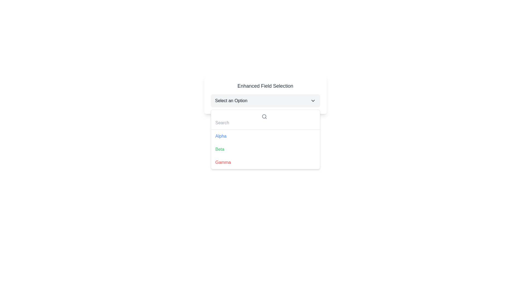 Image resolution: width=525 pixels, height=295 pixels. Describe the element at coordinates (265, 149) in the screenshot. I see `the second item in the dropdown menu list` at that location.